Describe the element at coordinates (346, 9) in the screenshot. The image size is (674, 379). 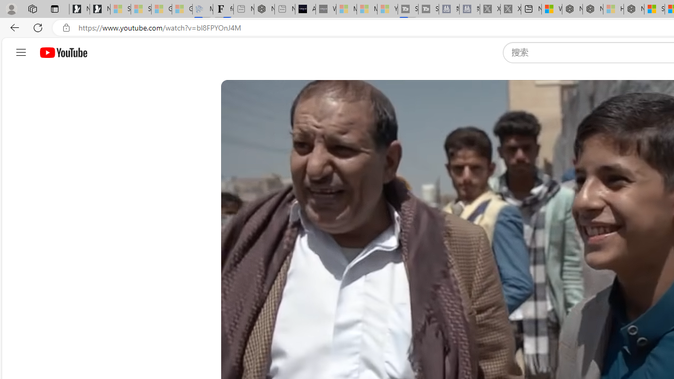
I see `'Microsoft Start Sports - Sleeping'` at that location.